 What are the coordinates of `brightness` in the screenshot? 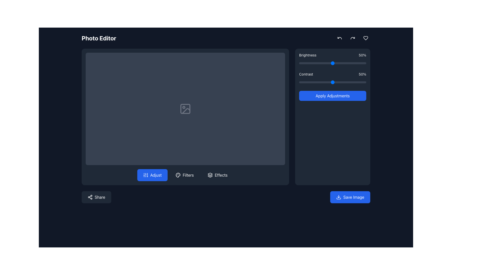 It's located at (352, 63).